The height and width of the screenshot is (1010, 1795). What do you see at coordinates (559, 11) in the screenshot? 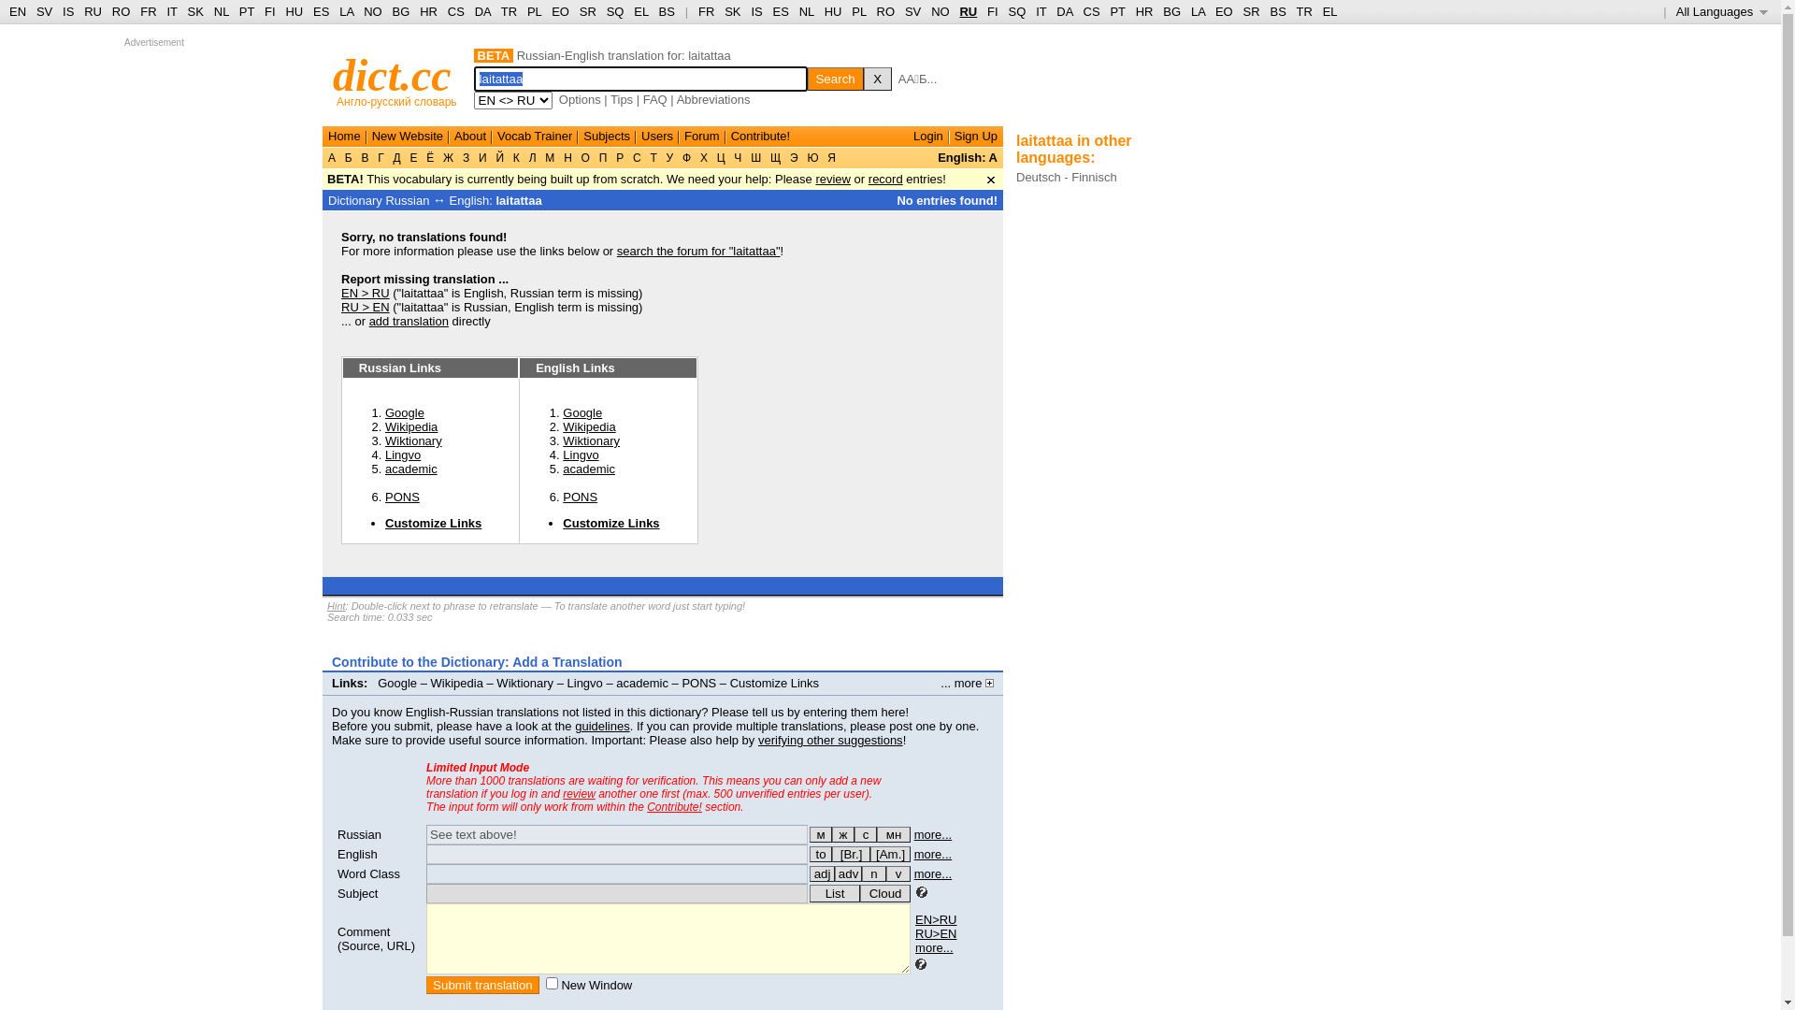
I see `'EO'` at bounding box center [559, 11].